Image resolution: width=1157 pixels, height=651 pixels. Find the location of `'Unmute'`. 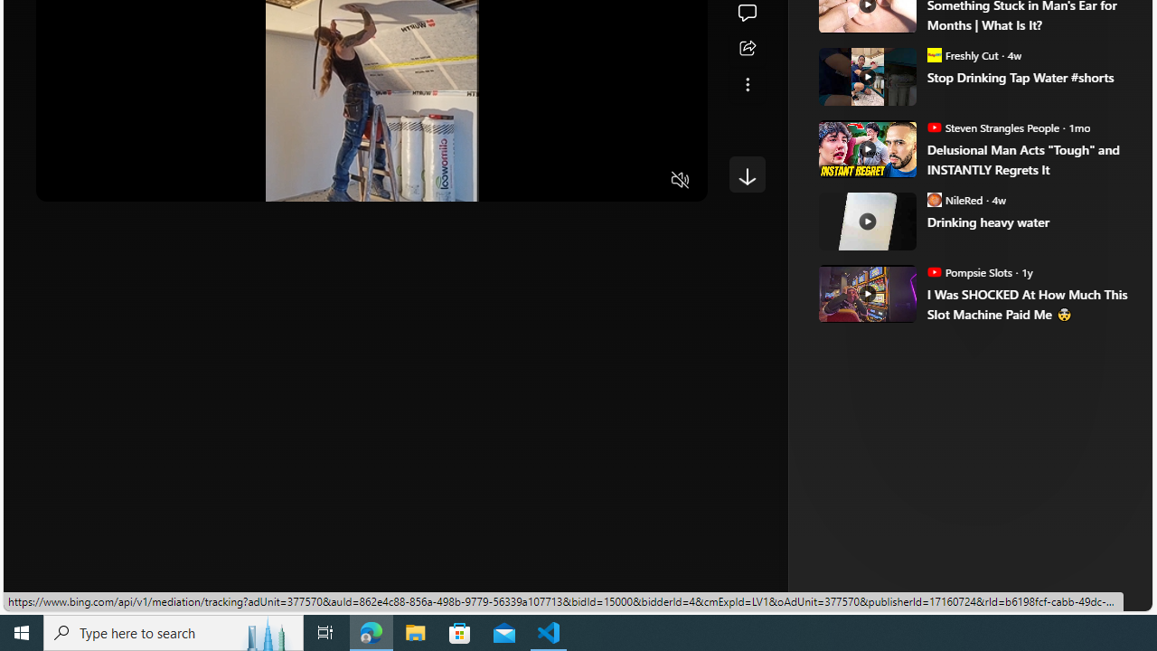

'Unmute' is located at coordinates (680, 181).